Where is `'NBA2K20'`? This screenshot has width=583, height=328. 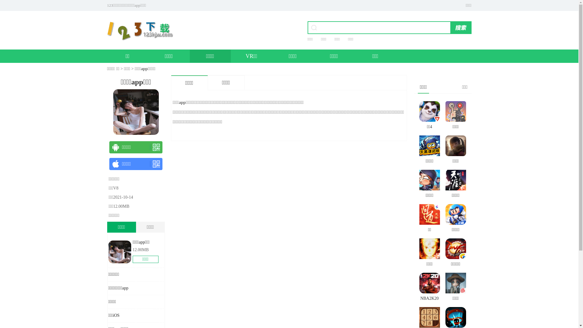 'NBA2K20' is located at coordinates (429, 287).